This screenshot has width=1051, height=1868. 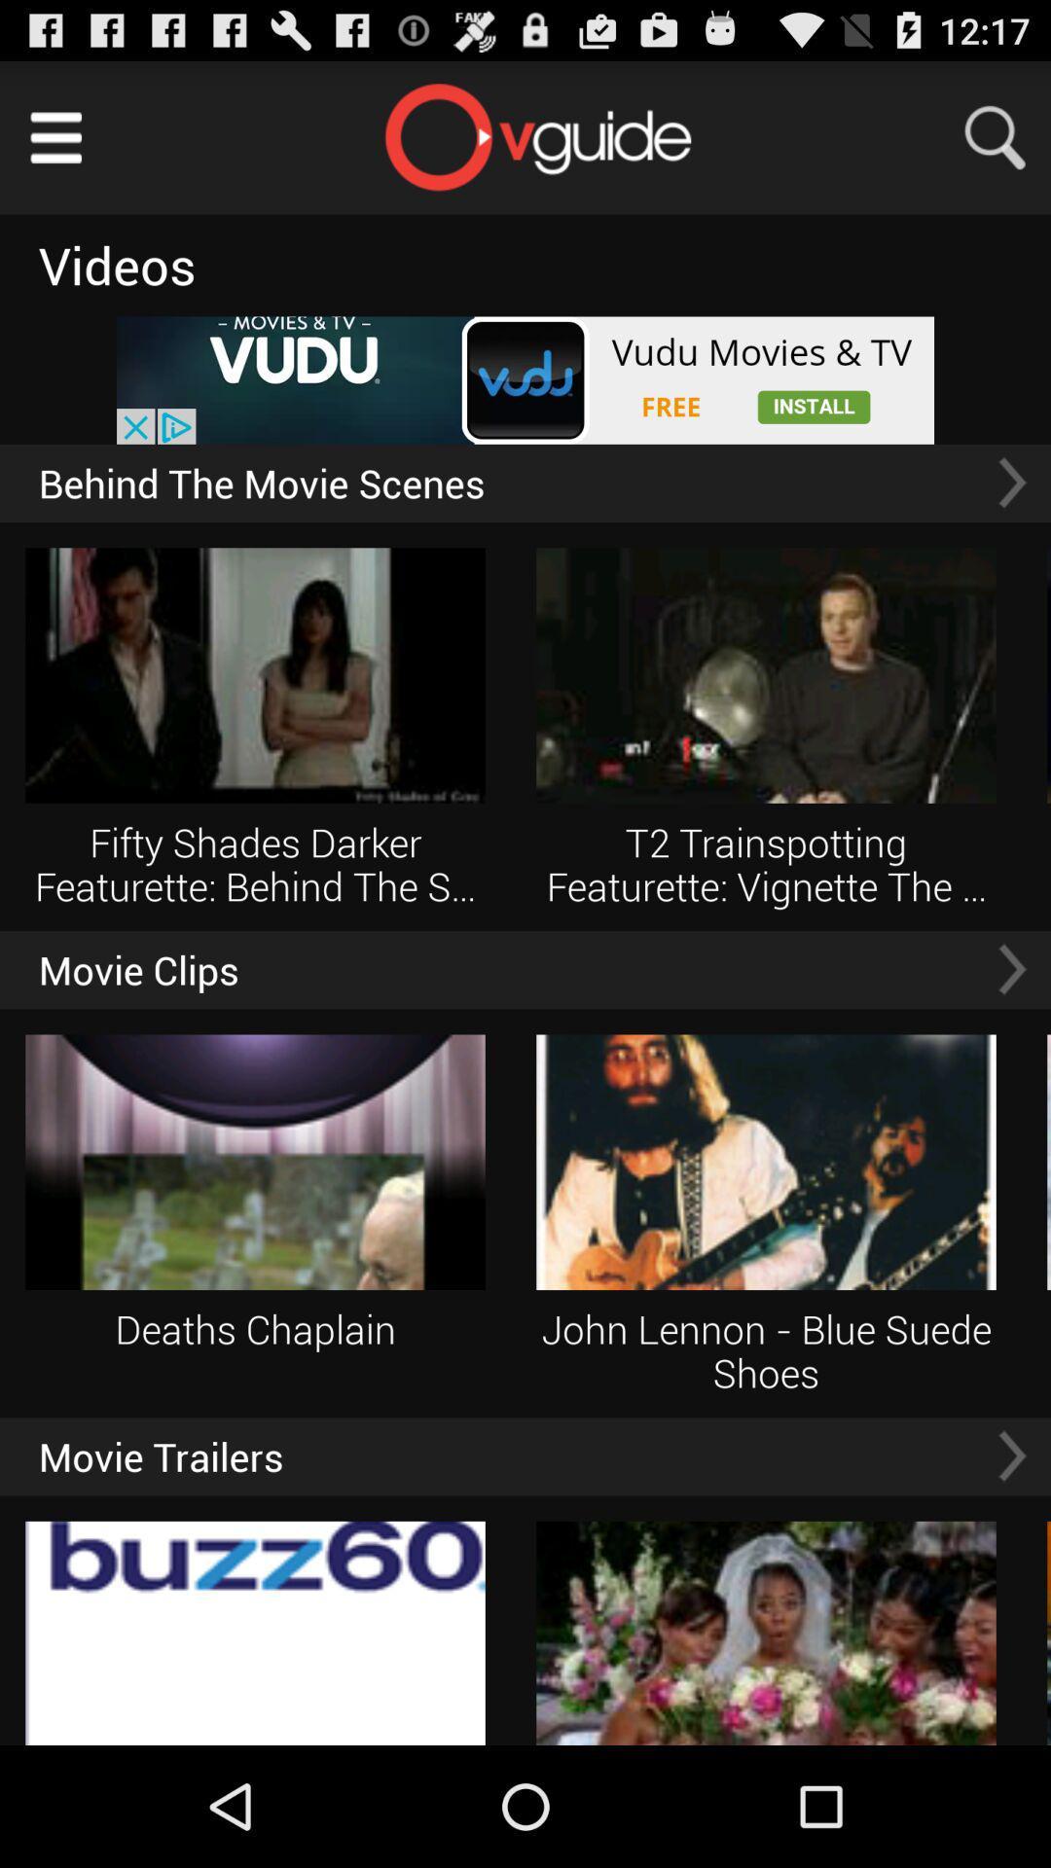 I want to click on open an advertisements, so click(x=525, y=380).